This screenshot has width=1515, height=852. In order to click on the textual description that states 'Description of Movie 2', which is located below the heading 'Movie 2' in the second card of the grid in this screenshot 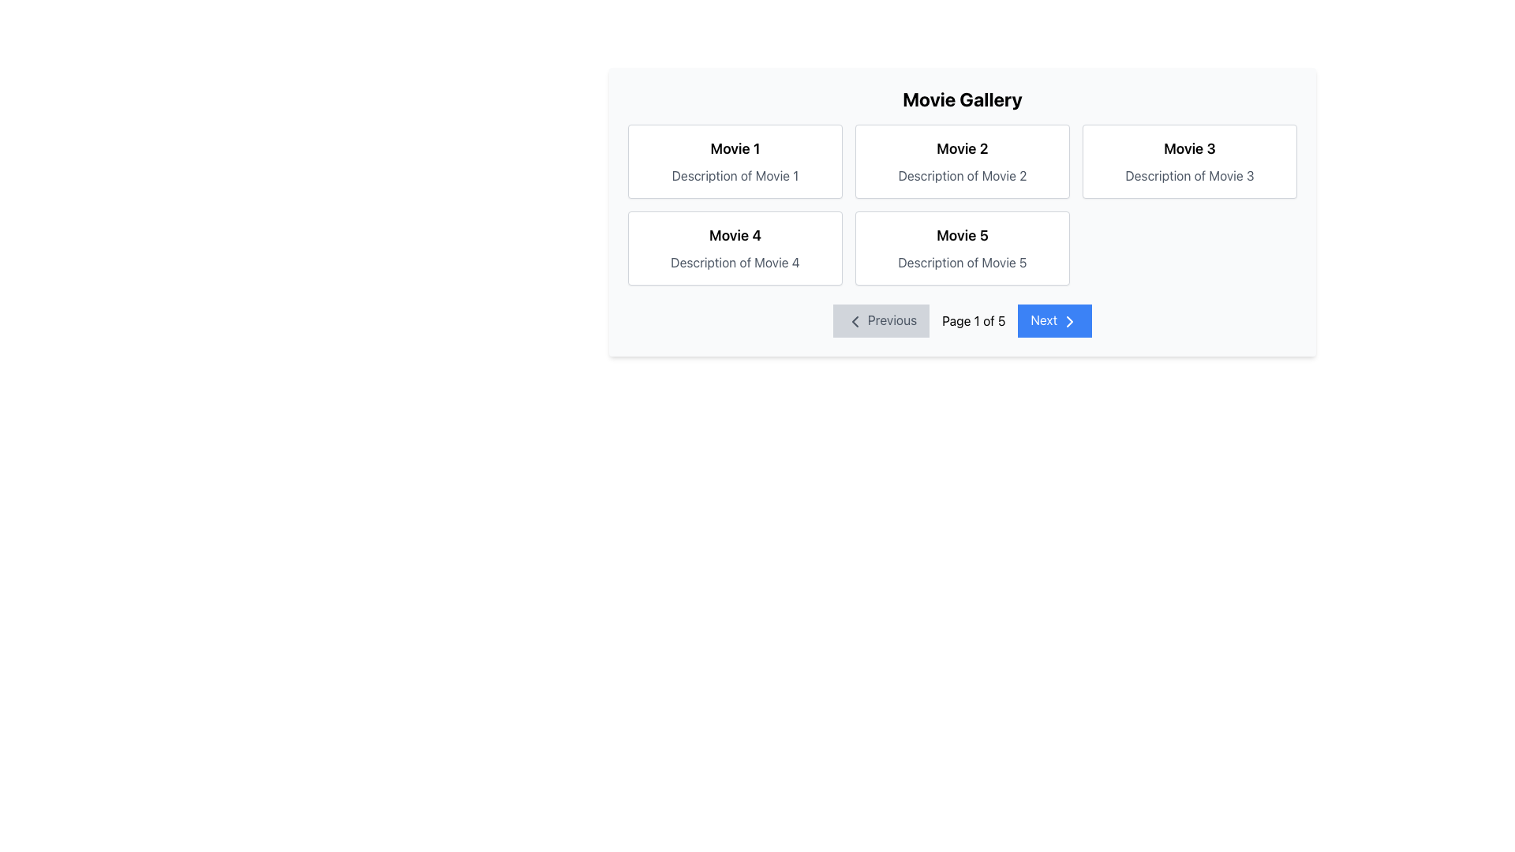, I will do `click(961, 176)`.